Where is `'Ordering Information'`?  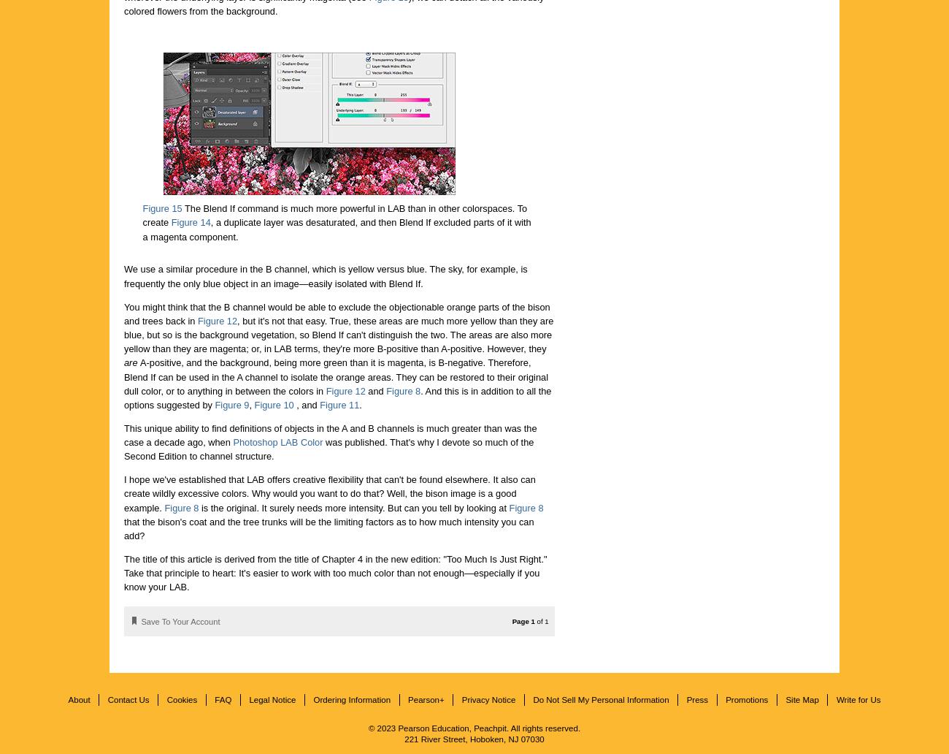
'Ordering Information' is located at coordinates (351, 698).